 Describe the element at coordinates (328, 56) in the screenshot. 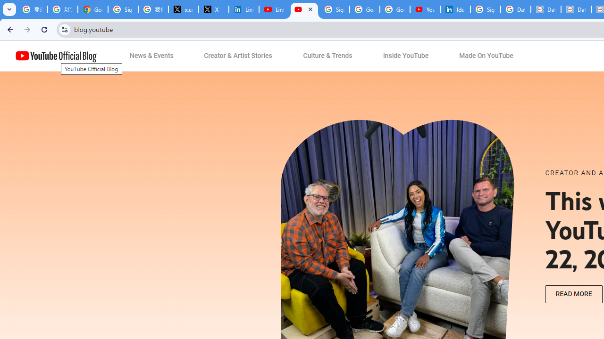

I see `'Culture & Trends'` at that location.